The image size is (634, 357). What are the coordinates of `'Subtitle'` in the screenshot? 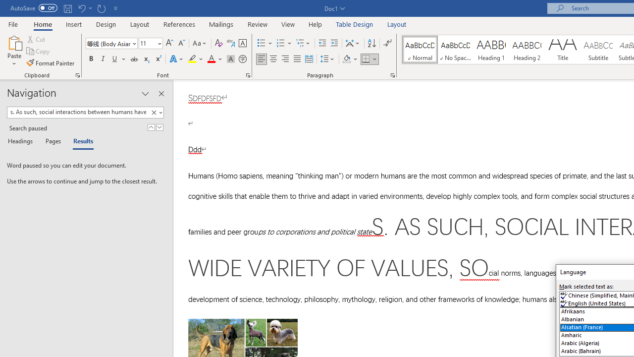 It's located at (598, 50).